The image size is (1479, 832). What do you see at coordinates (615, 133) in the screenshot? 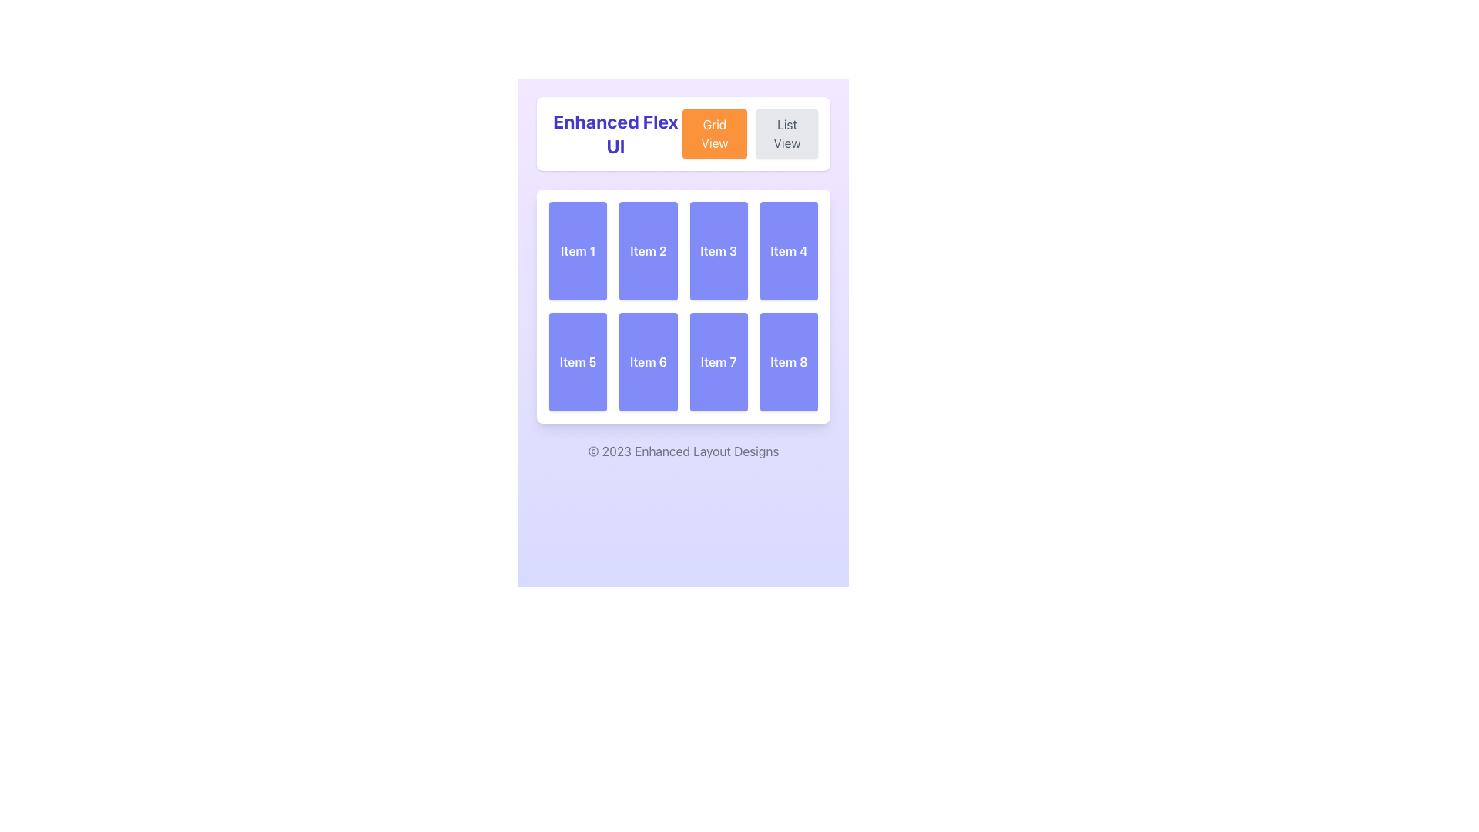
I see `the Text label that serves as a title for the interface, located in the top header section, to the left of the 'Grid View' and 'List View' buttons` at bounding box center [615, 133].